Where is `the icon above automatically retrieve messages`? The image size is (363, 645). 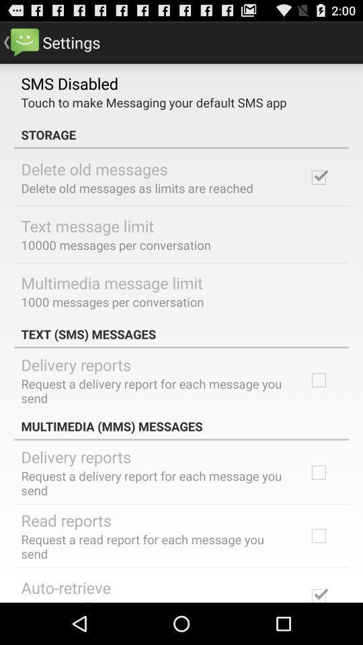 the icon above automatically retrieve messages is located at coordinates (65, 587).